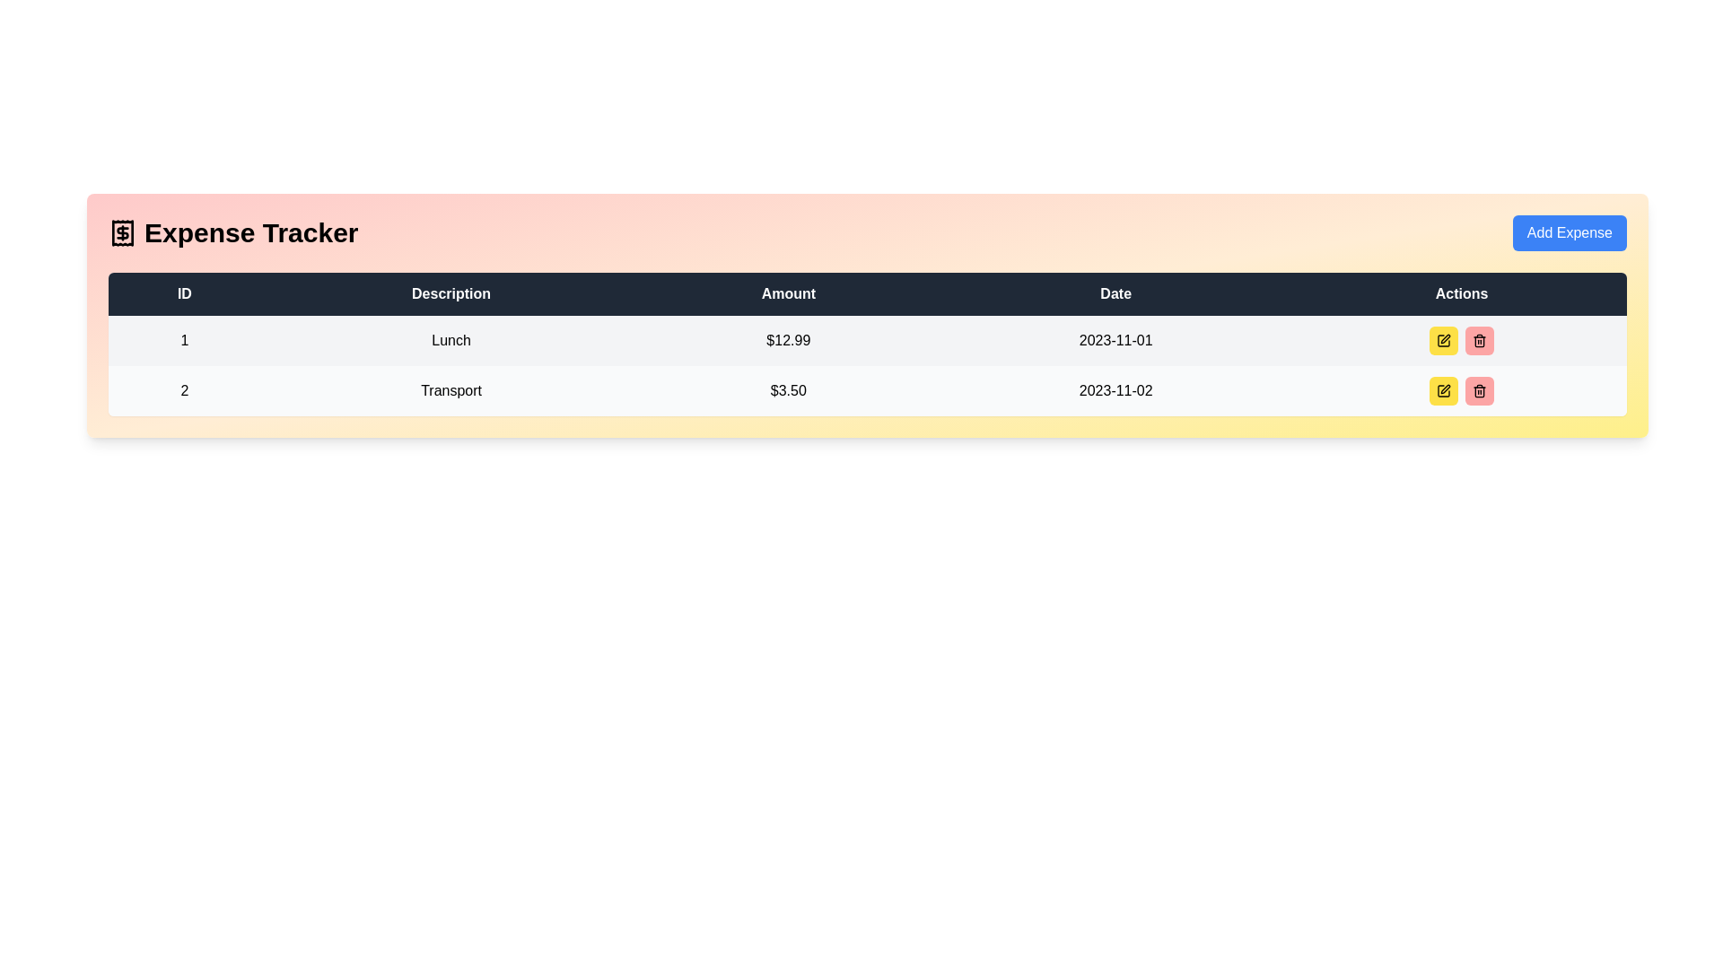  Describe the element at coordinates (184, 292) in the screenshot. I see `the 'ID' header label in the table, which is the leftmost element in the header row, located at the top-left corner of the table's header section` at that location.